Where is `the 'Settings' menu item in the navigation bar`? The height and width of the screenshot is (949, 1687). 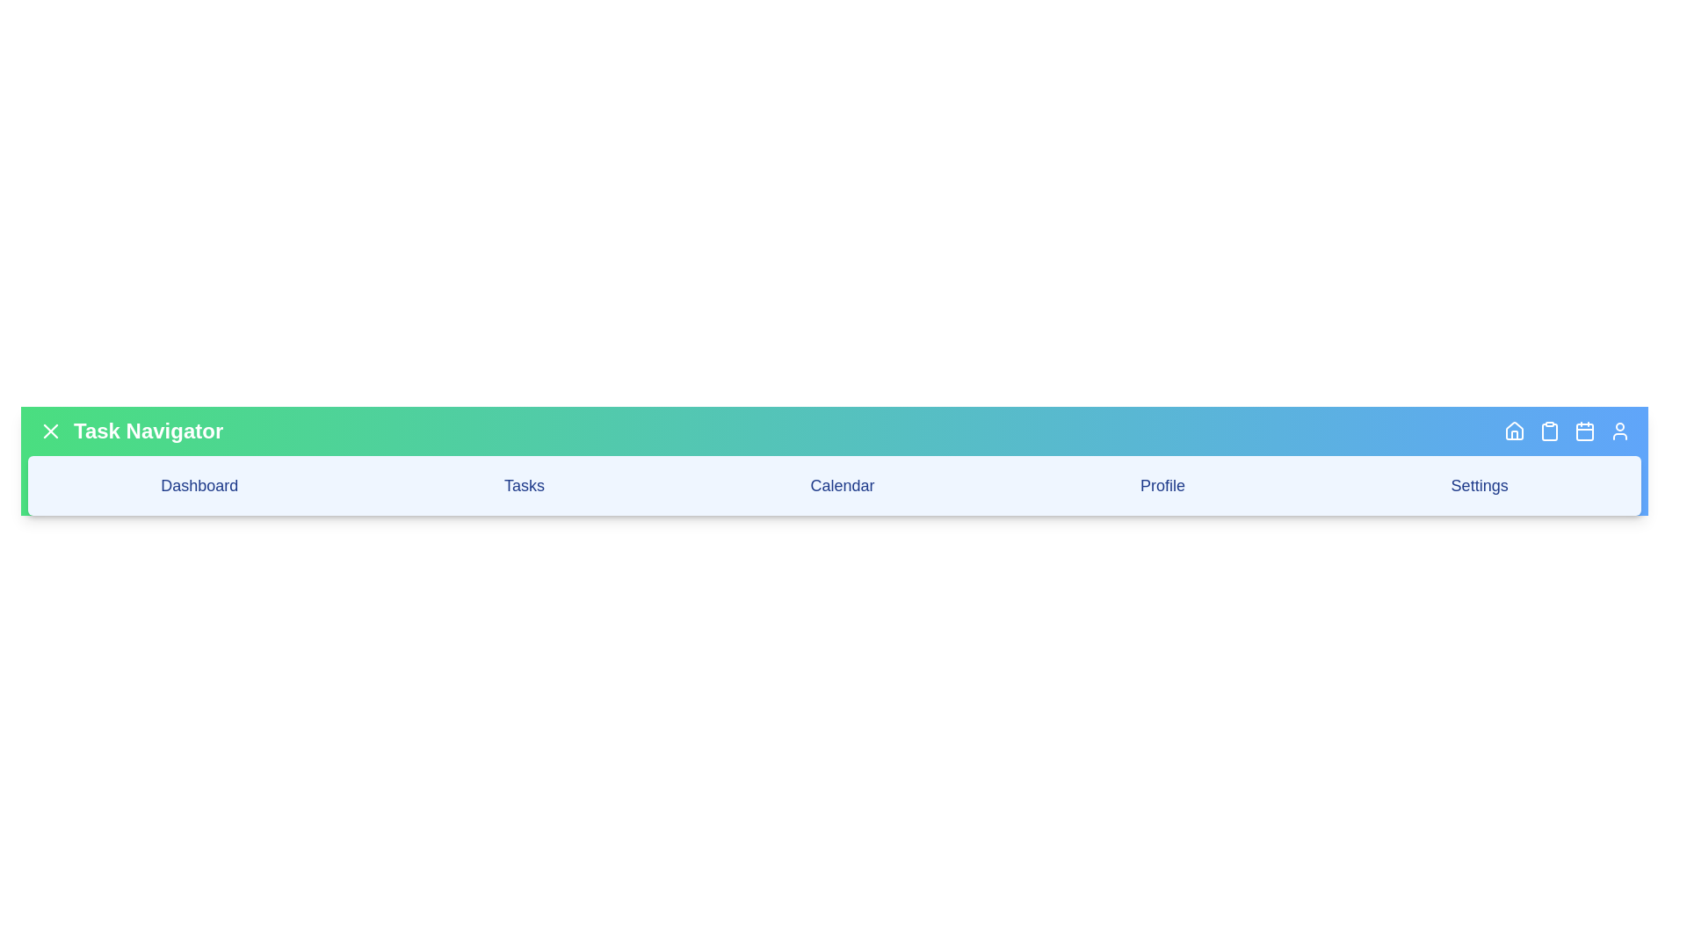 the 'Settings' menu item in the navigation bar is located at coordinates (1479, 485).